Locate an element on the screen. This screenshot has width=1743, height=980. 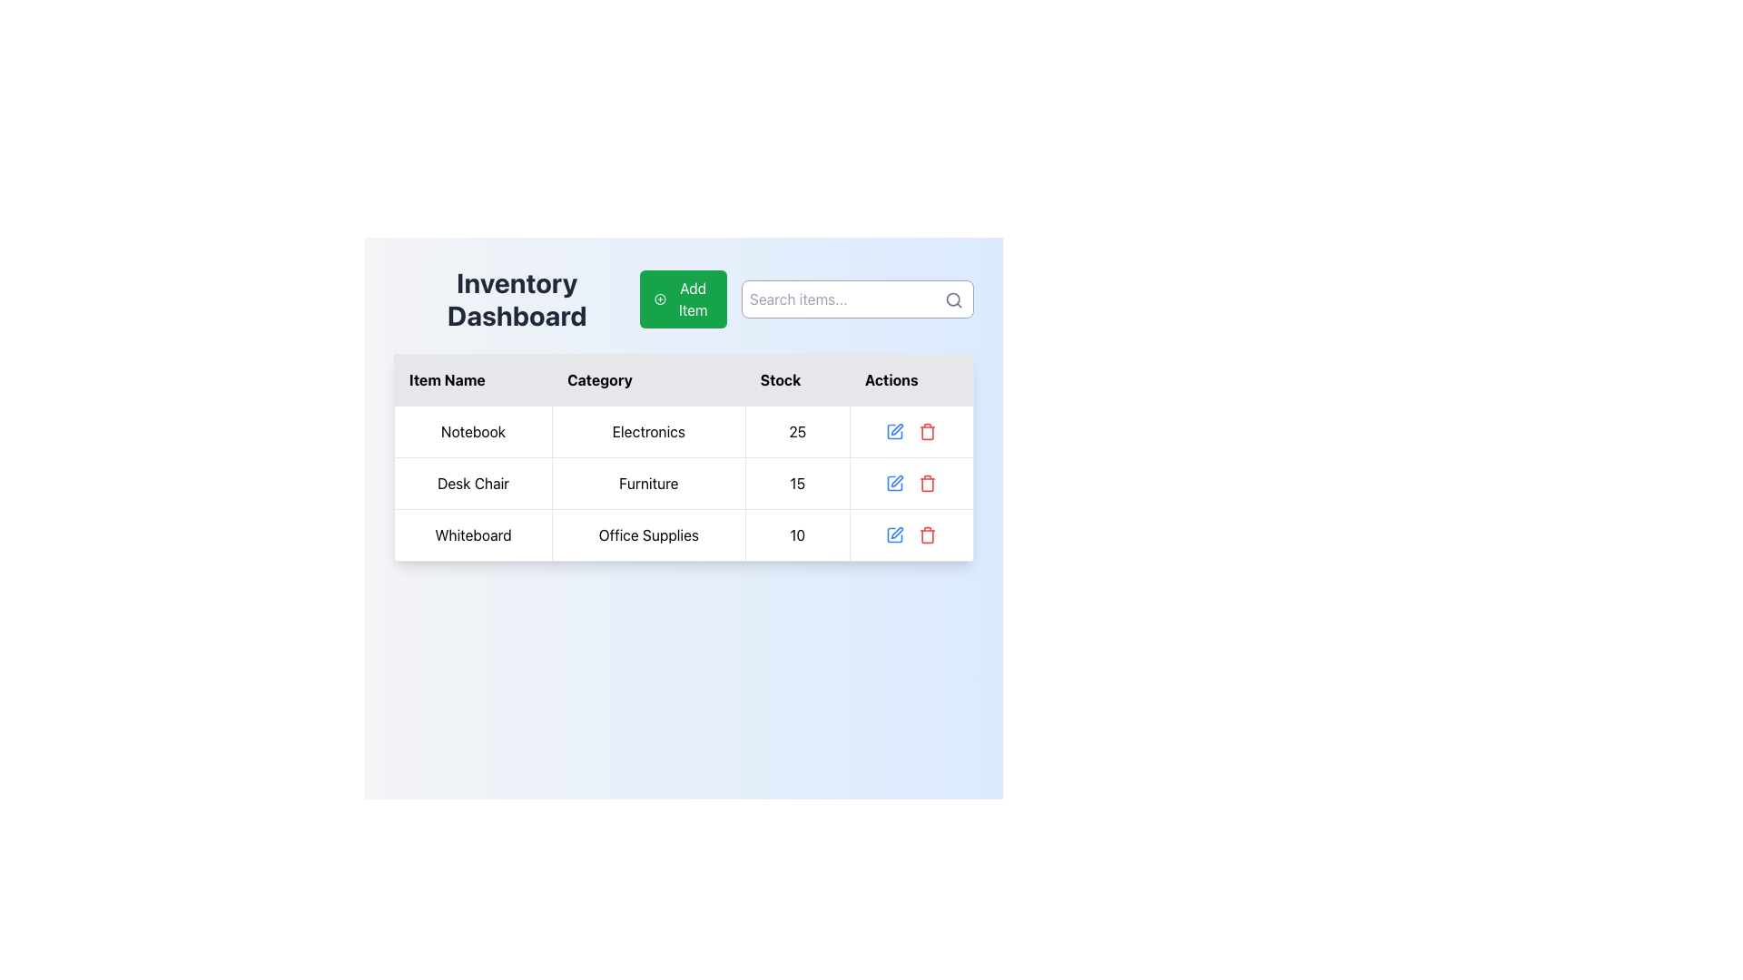
the informational Text block in the 'Category' column that displays the category of the item in the same row as 'Desk Chair' and '15' in the Stock column is located at coordinates (648, 482).